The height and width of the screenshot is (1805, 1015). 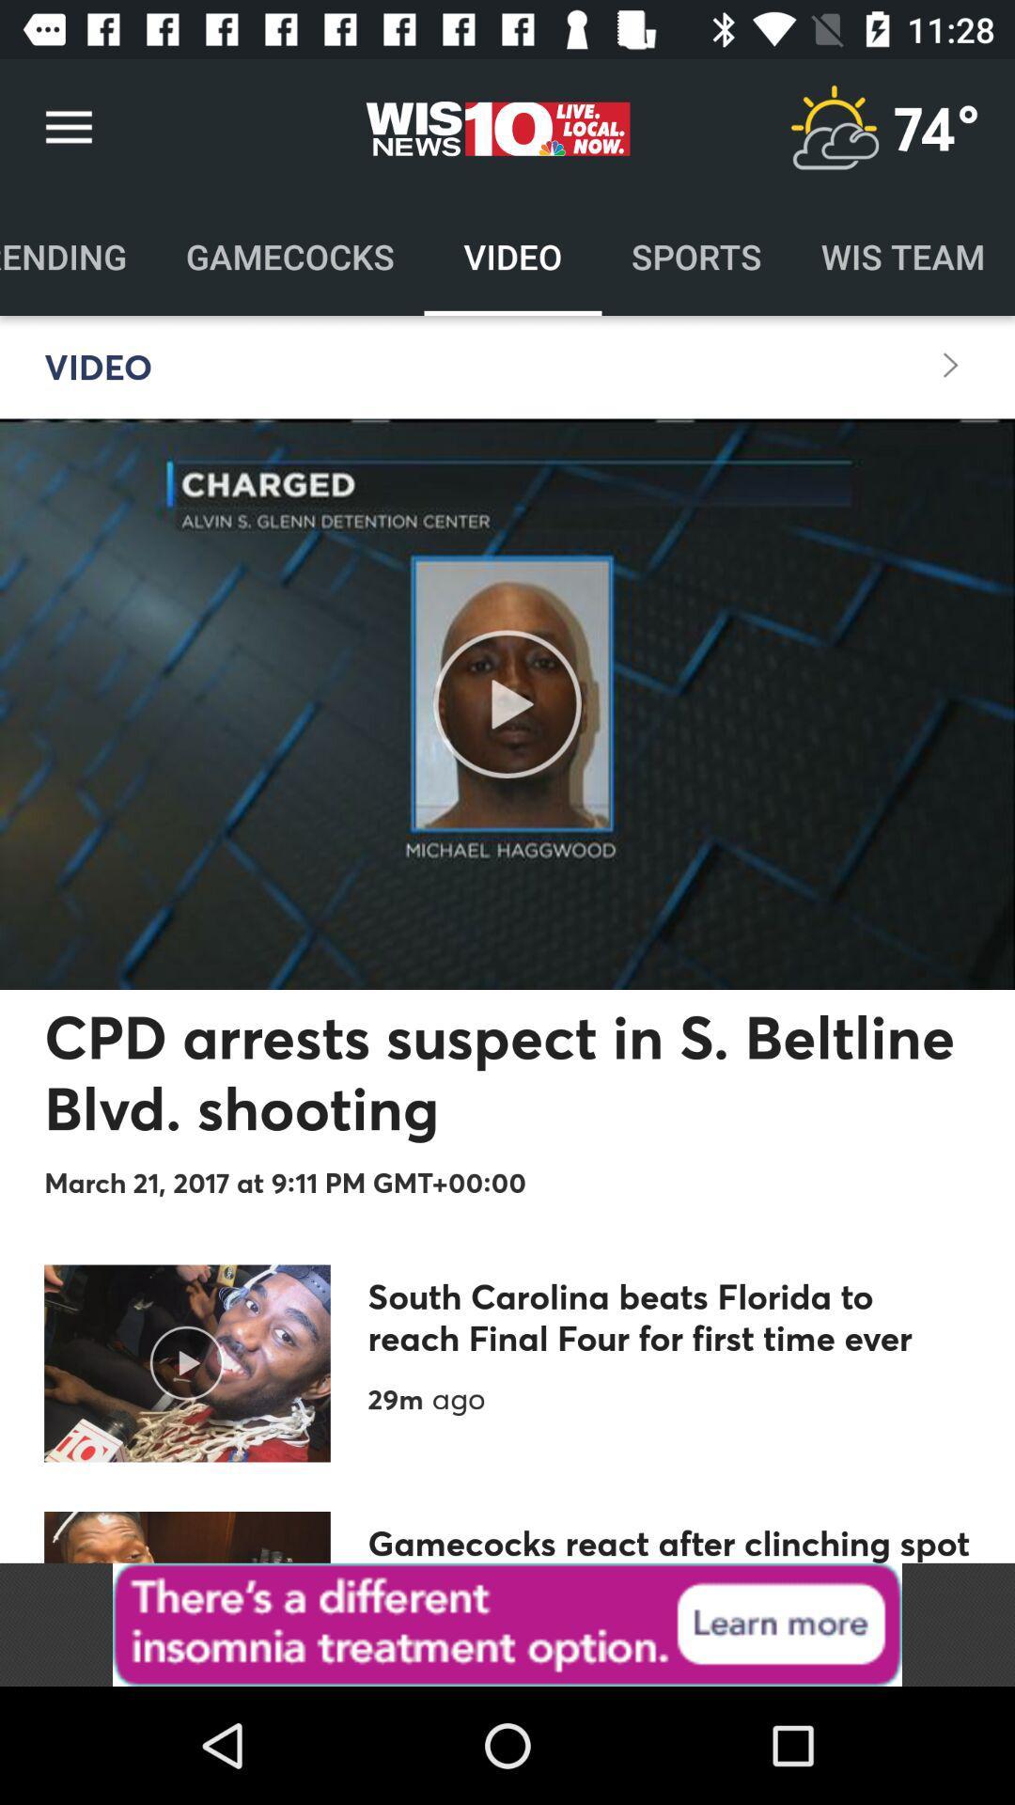 I want to click on access advertising, so click(x=507, y=1624).